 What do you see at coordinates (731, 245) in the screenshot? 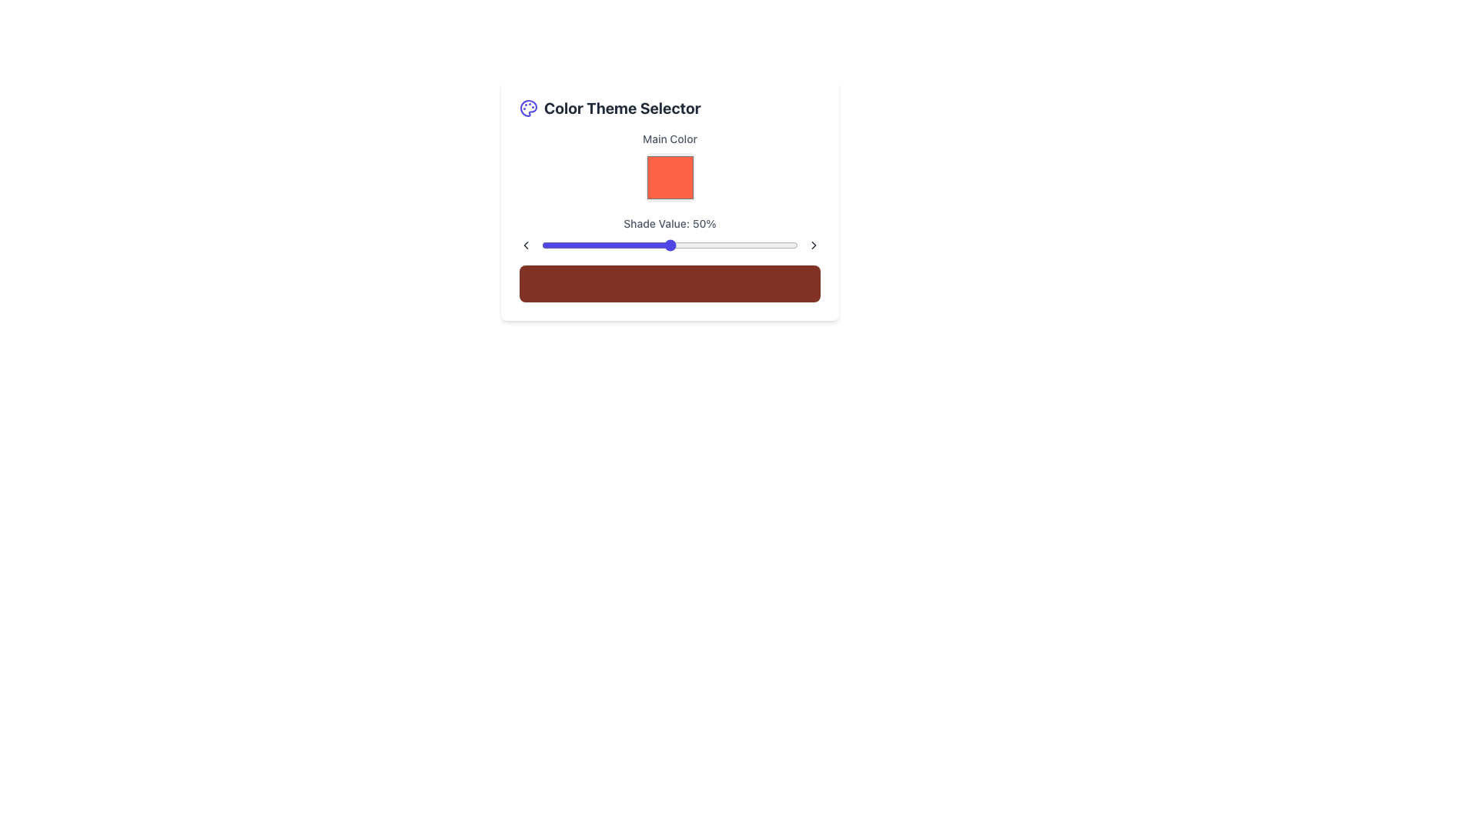
I see `the shade value` at bounding box center [731, 245].